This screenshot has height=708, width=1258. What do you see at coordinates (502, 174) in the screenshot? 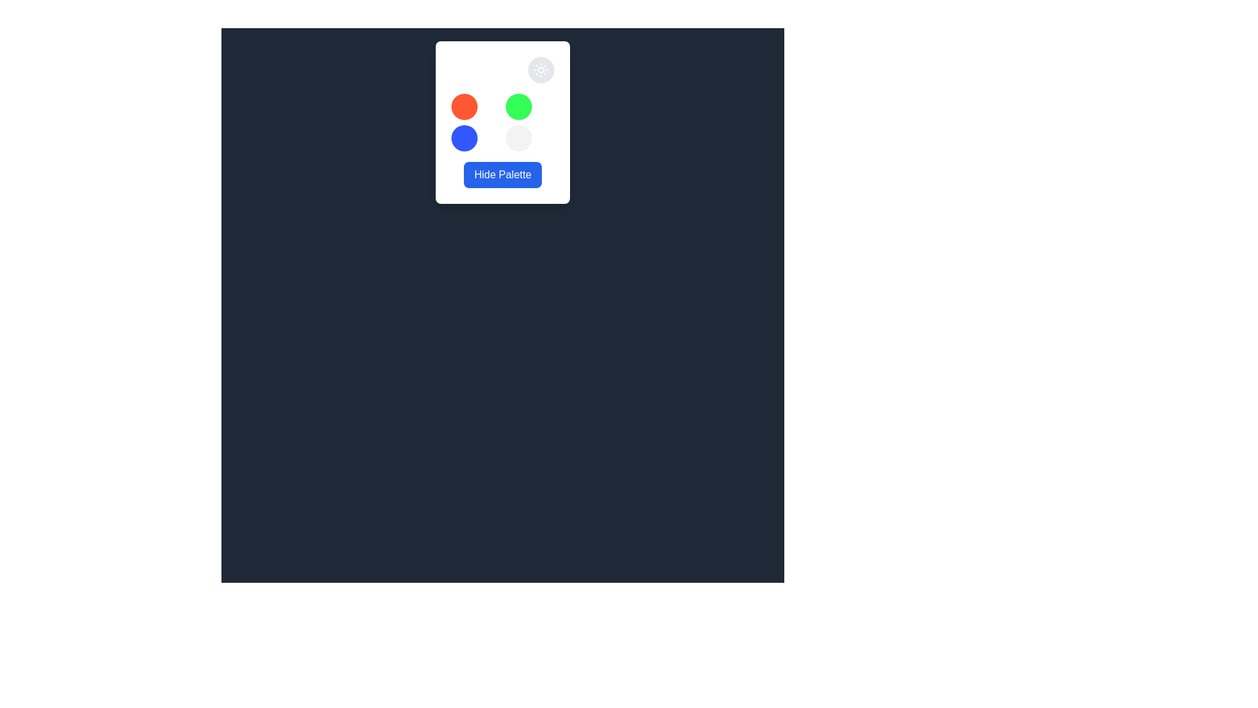
I see `the 'Hide Palette' button, which is a rectangular button with a blue background and white text, located at the bottom of a card below a grid of colored elements` at bounding box center [502, 174].